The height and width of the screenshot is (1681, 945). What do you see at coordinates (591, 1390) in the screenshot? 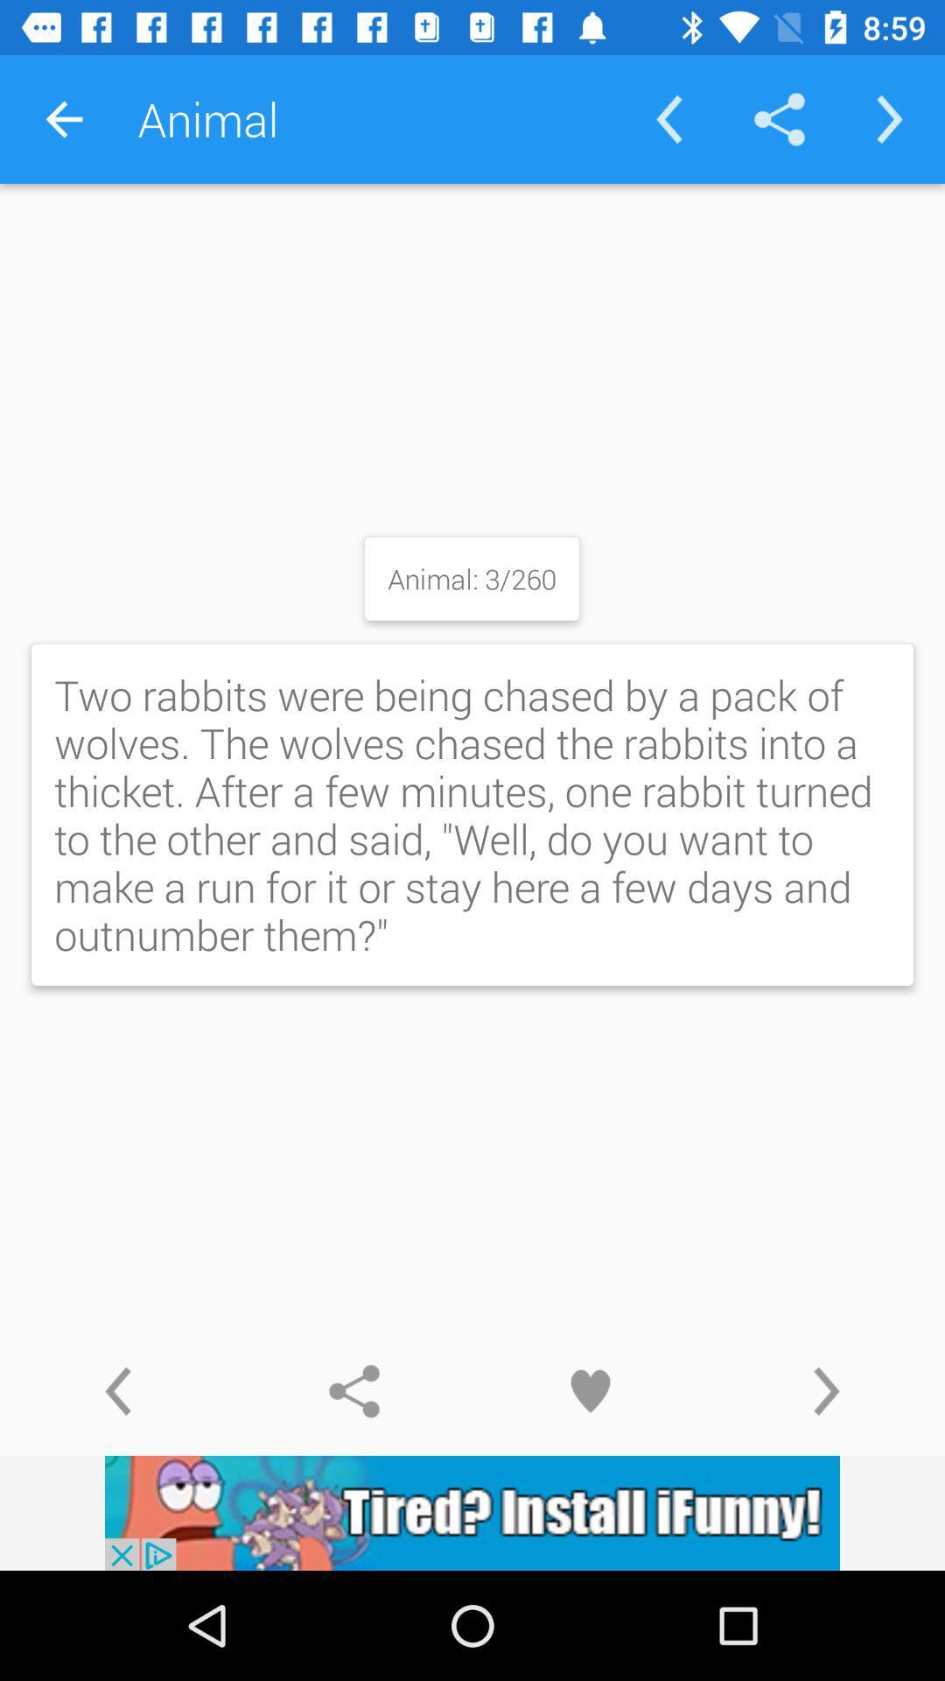
I see `content` at bounding box center [591, 1390].